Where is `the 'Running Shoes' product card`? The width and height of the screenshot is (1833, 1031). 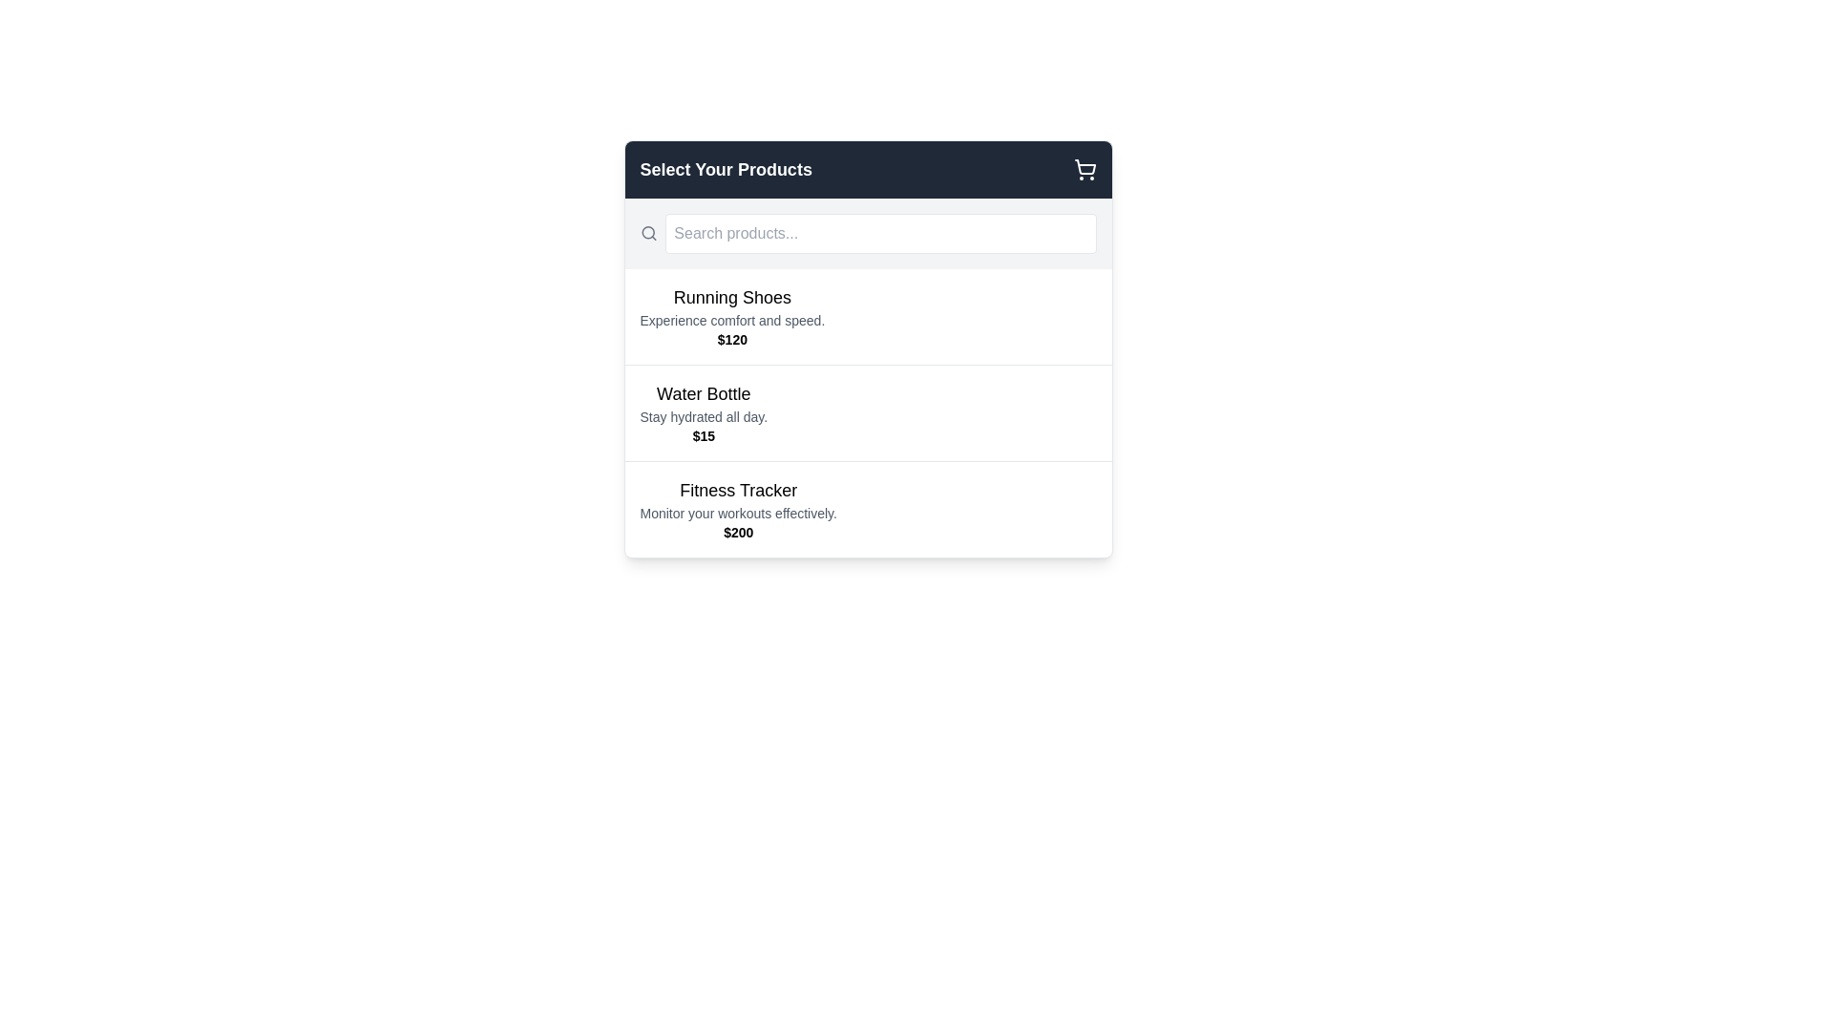
the 'Running Shoes' product card is located at coordinates (867, 315).